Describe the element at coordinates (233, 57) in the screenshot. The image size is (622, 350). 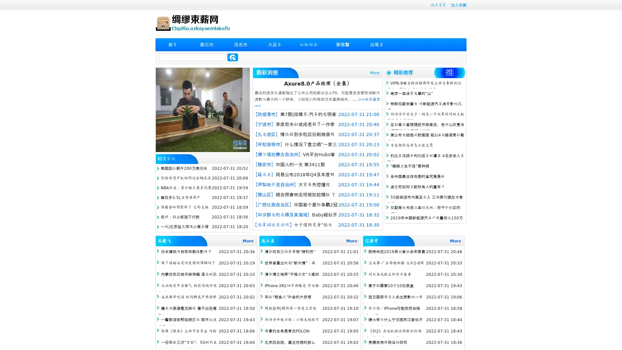
I see `Search` at that location.